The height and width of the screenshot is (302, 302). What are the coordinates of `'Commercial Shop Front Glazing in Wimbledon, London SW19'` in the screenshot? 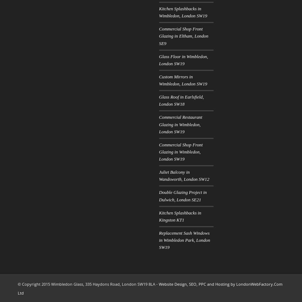 It's located at (180, 151).